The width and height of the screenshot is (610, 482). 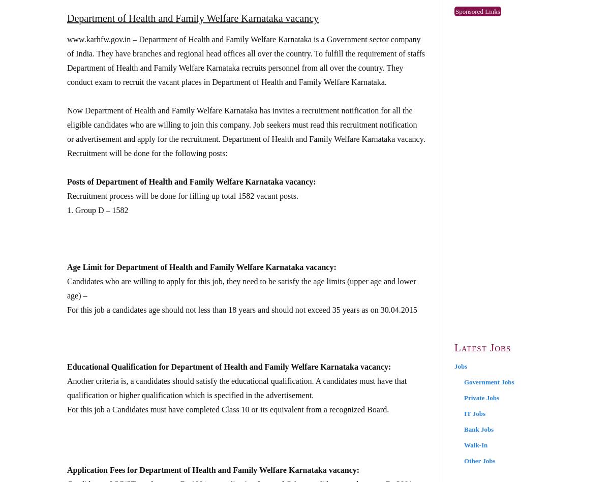 What do you see at coordinates (67, 469) in the screenshot?
I see `'Application Fees for Department of Health and Family Welfare Karnataka vacancy:'` at bounding box center [67, 469].